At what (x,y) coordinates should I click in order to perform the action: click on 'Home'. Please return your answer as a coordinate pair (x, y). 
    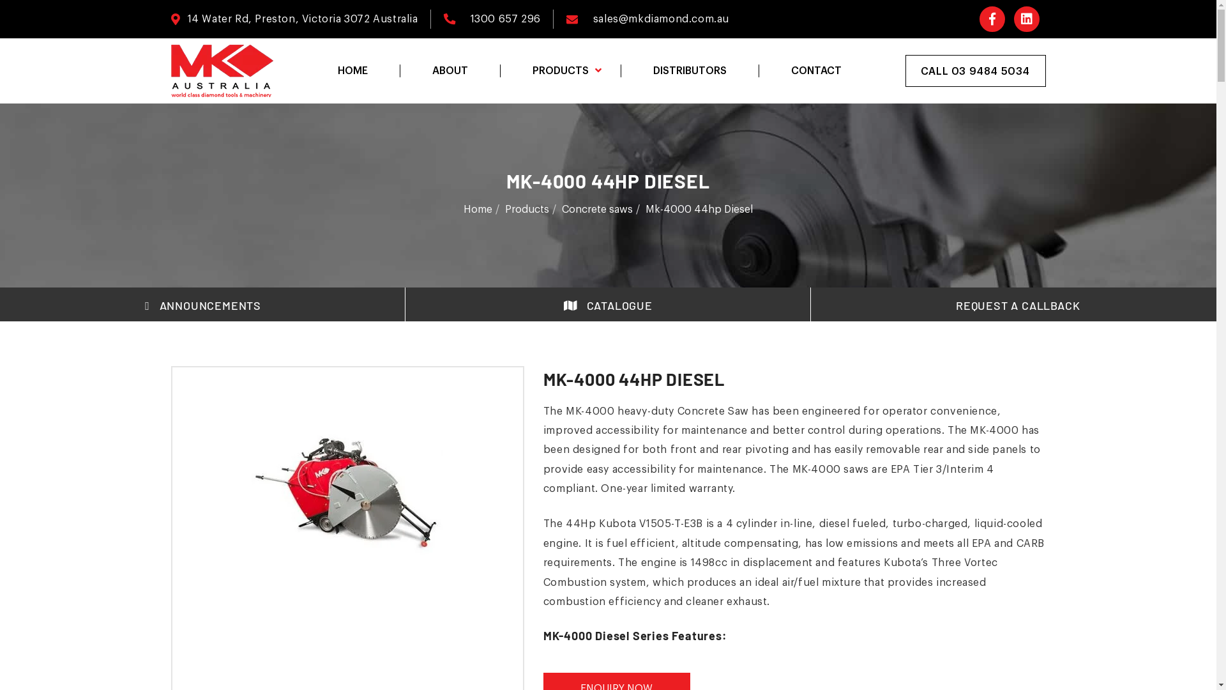
    Looking at the image, I should click on (462, 208).